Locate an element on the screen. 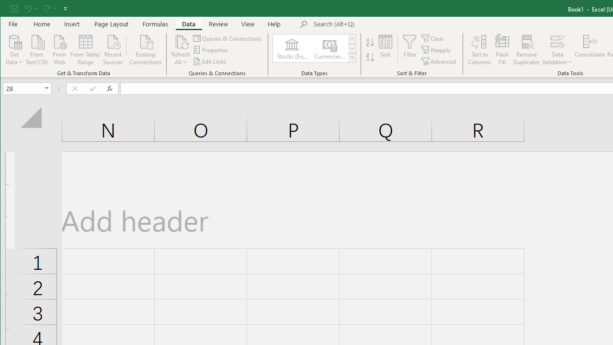 The width and height of the screenshot is (613, 345). 'Edit Links' is located at coordinates (210, 61).